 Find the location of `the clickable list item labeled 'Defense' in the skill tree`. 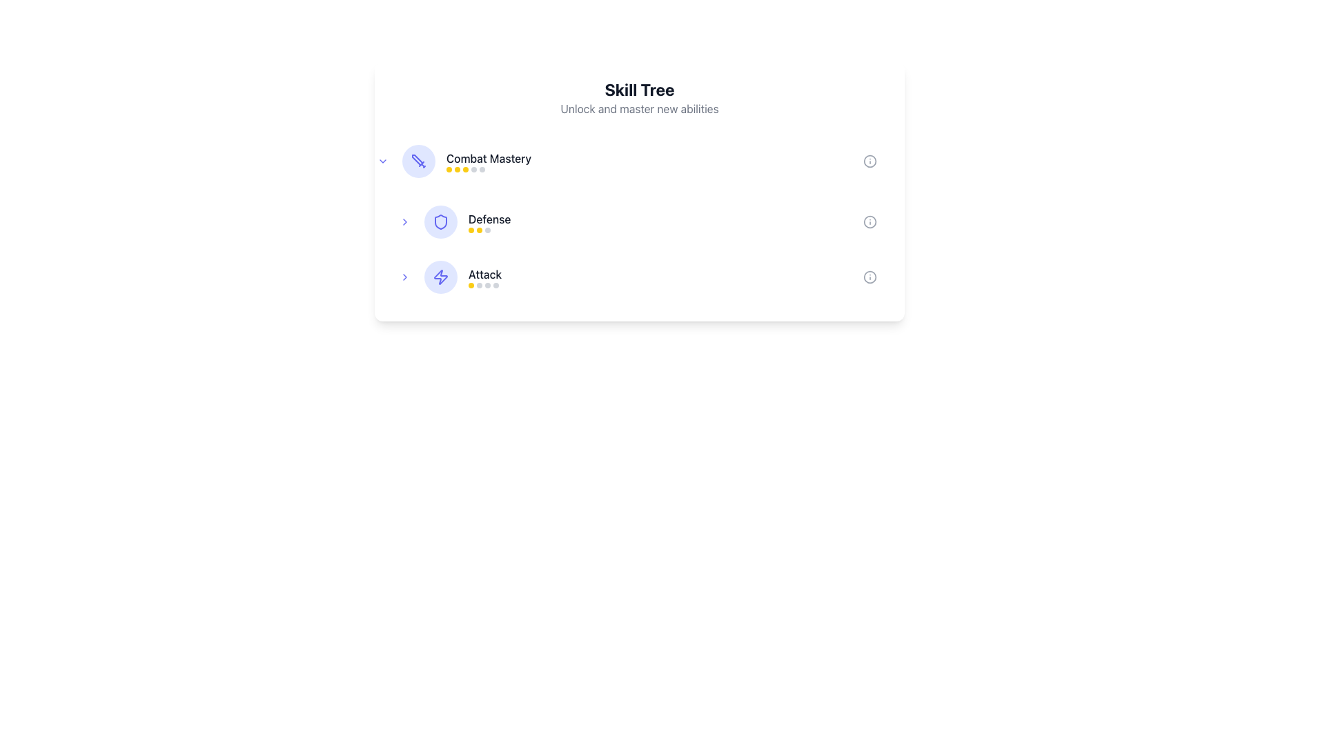

the clickable list item labeled 'Defense' in the skill tree is located at coordinates (649, 221).